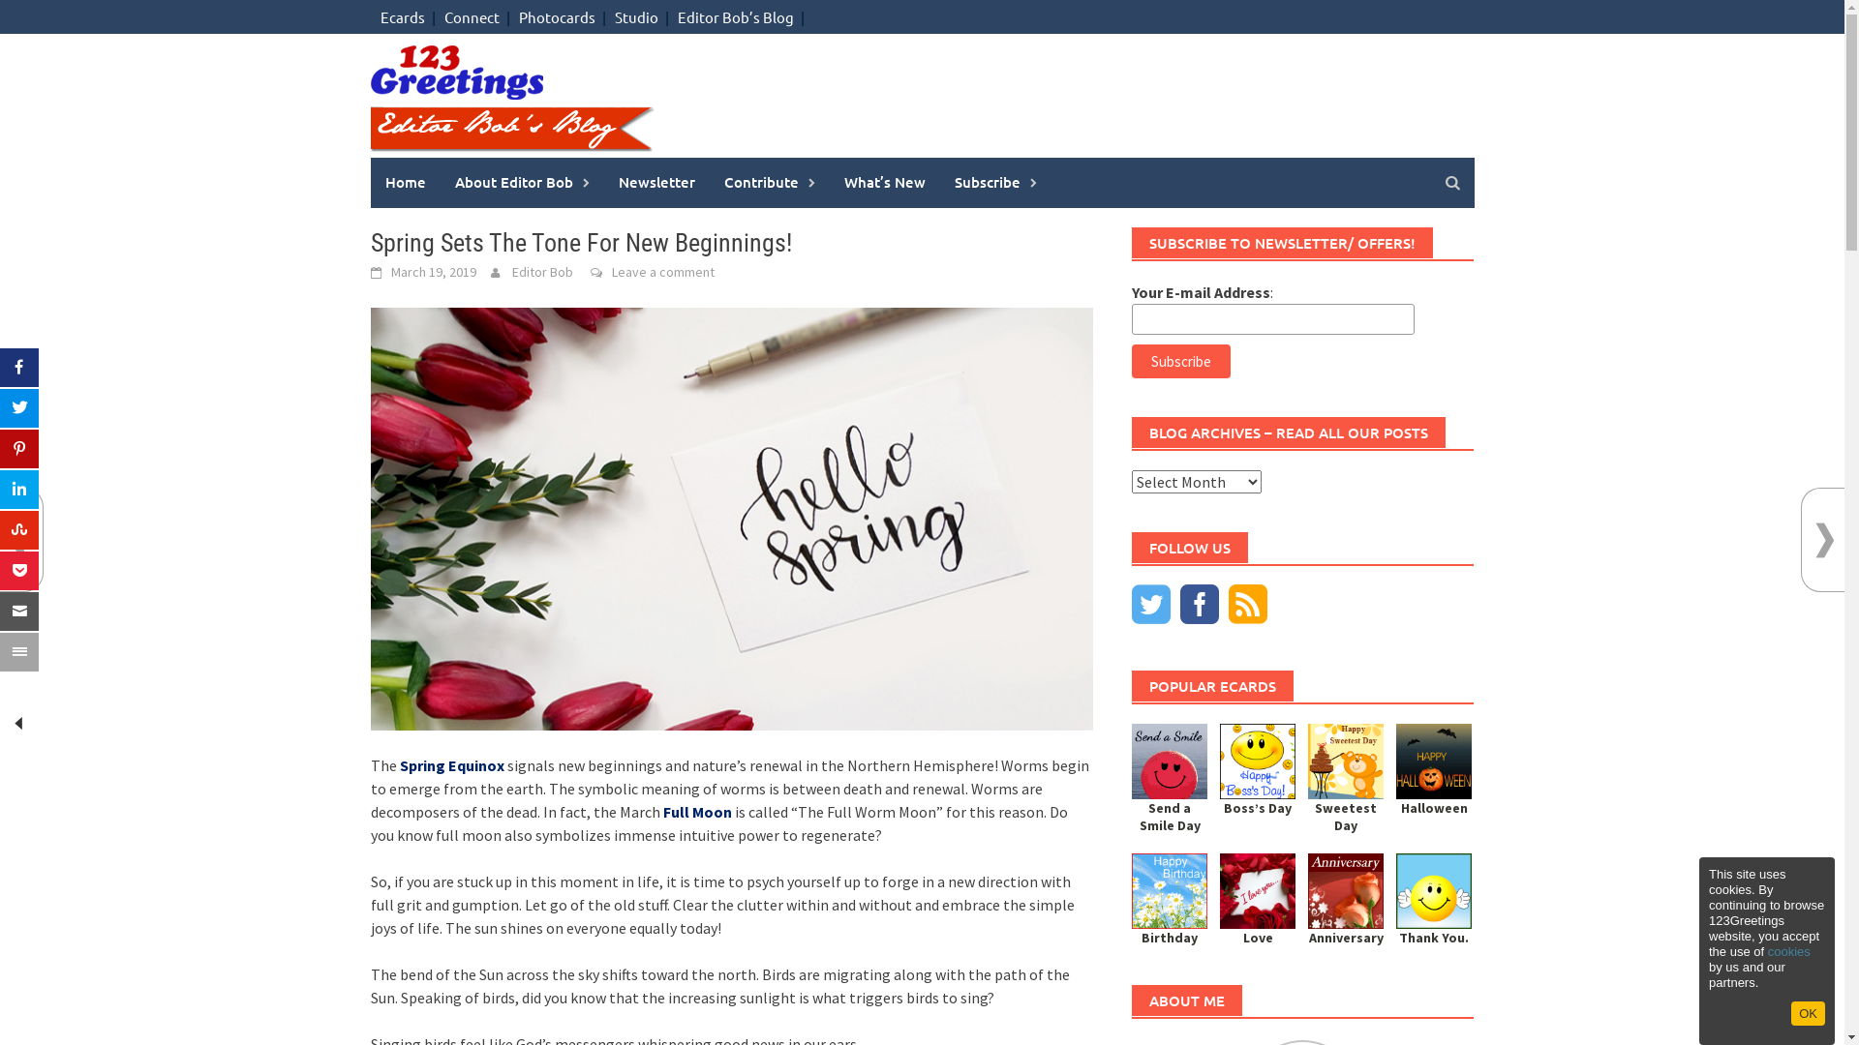  What do you see at coordinates (521, 183) in the screenshot?
I see `'About Editor Bob'` at bounding box center [521, 183].